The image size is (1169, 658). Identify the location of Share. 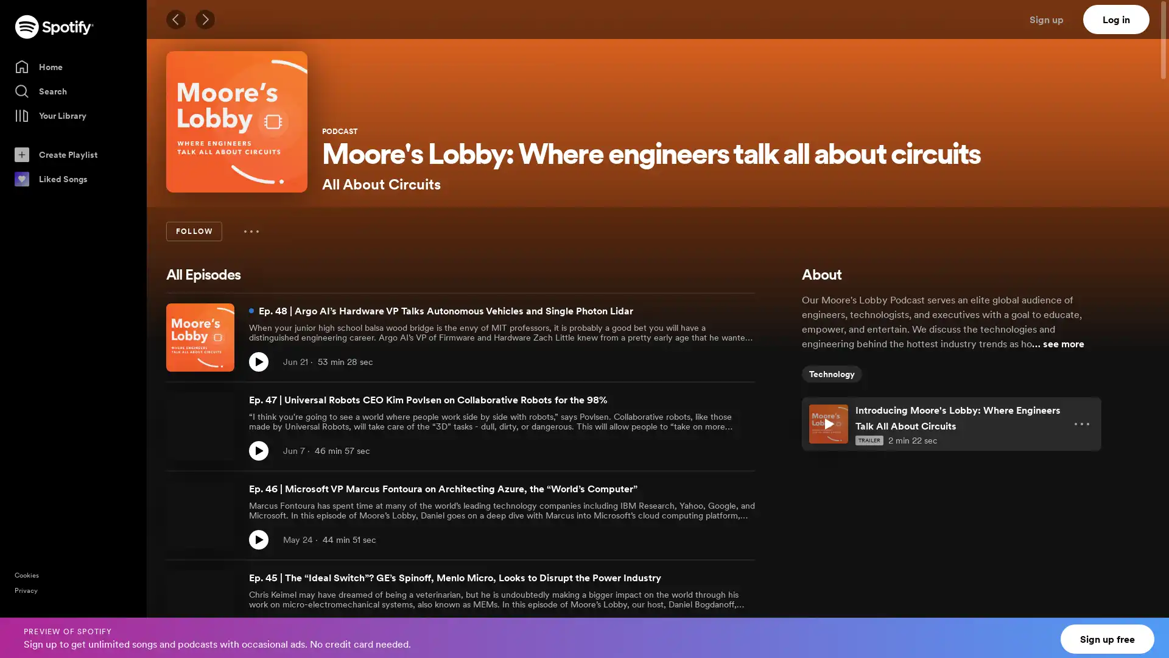
(718, 361).